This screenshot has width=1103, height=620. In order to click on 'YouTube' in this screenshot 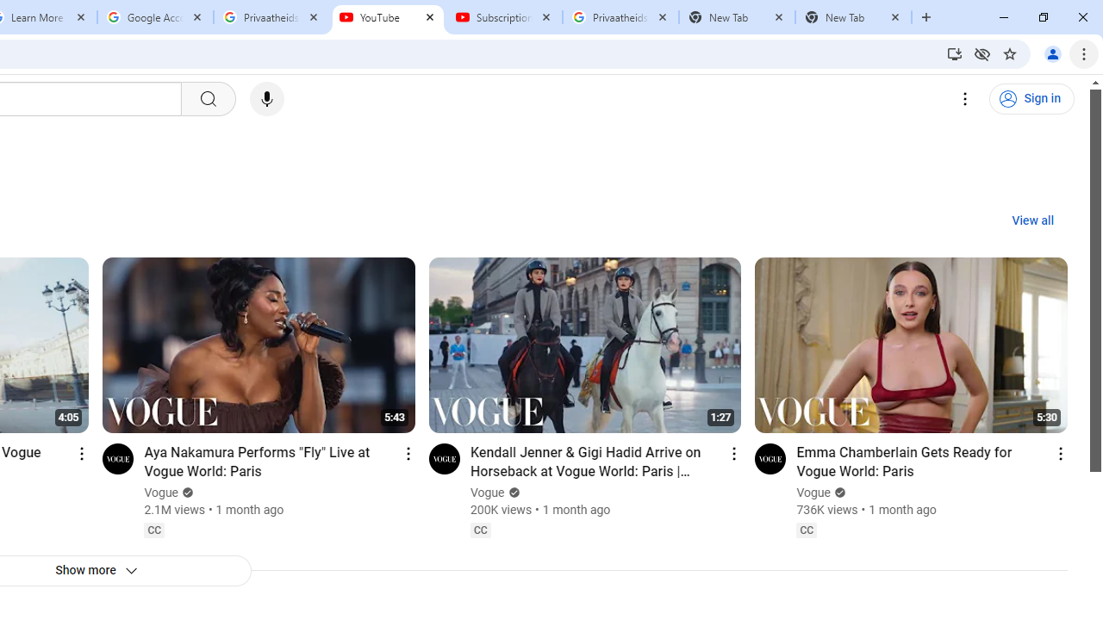, I will do `click(387, 17)`.